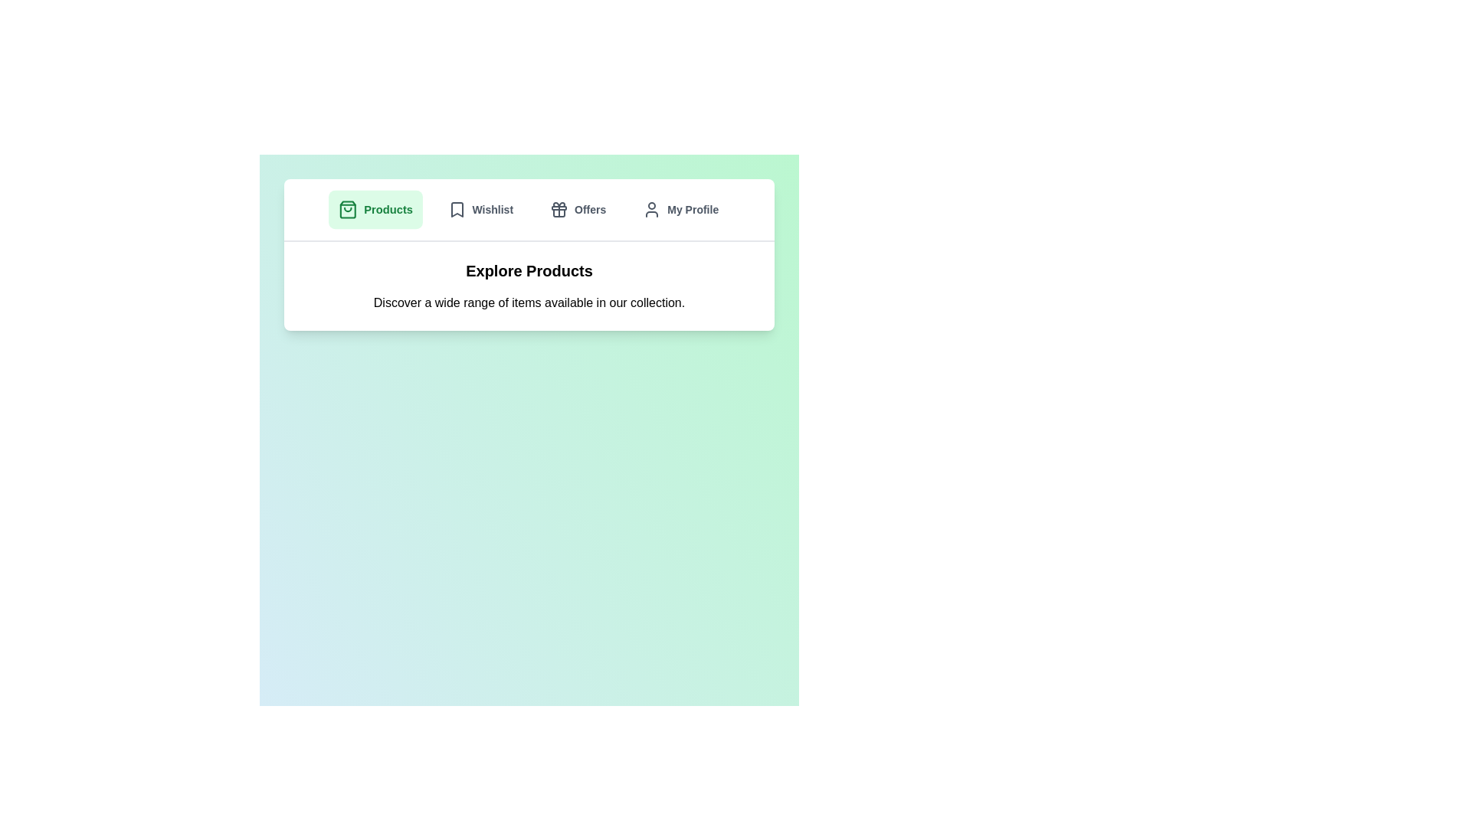  I want to click on the 'Wishlist' button, which is the second item in the navigation bar, so click(480, 209).